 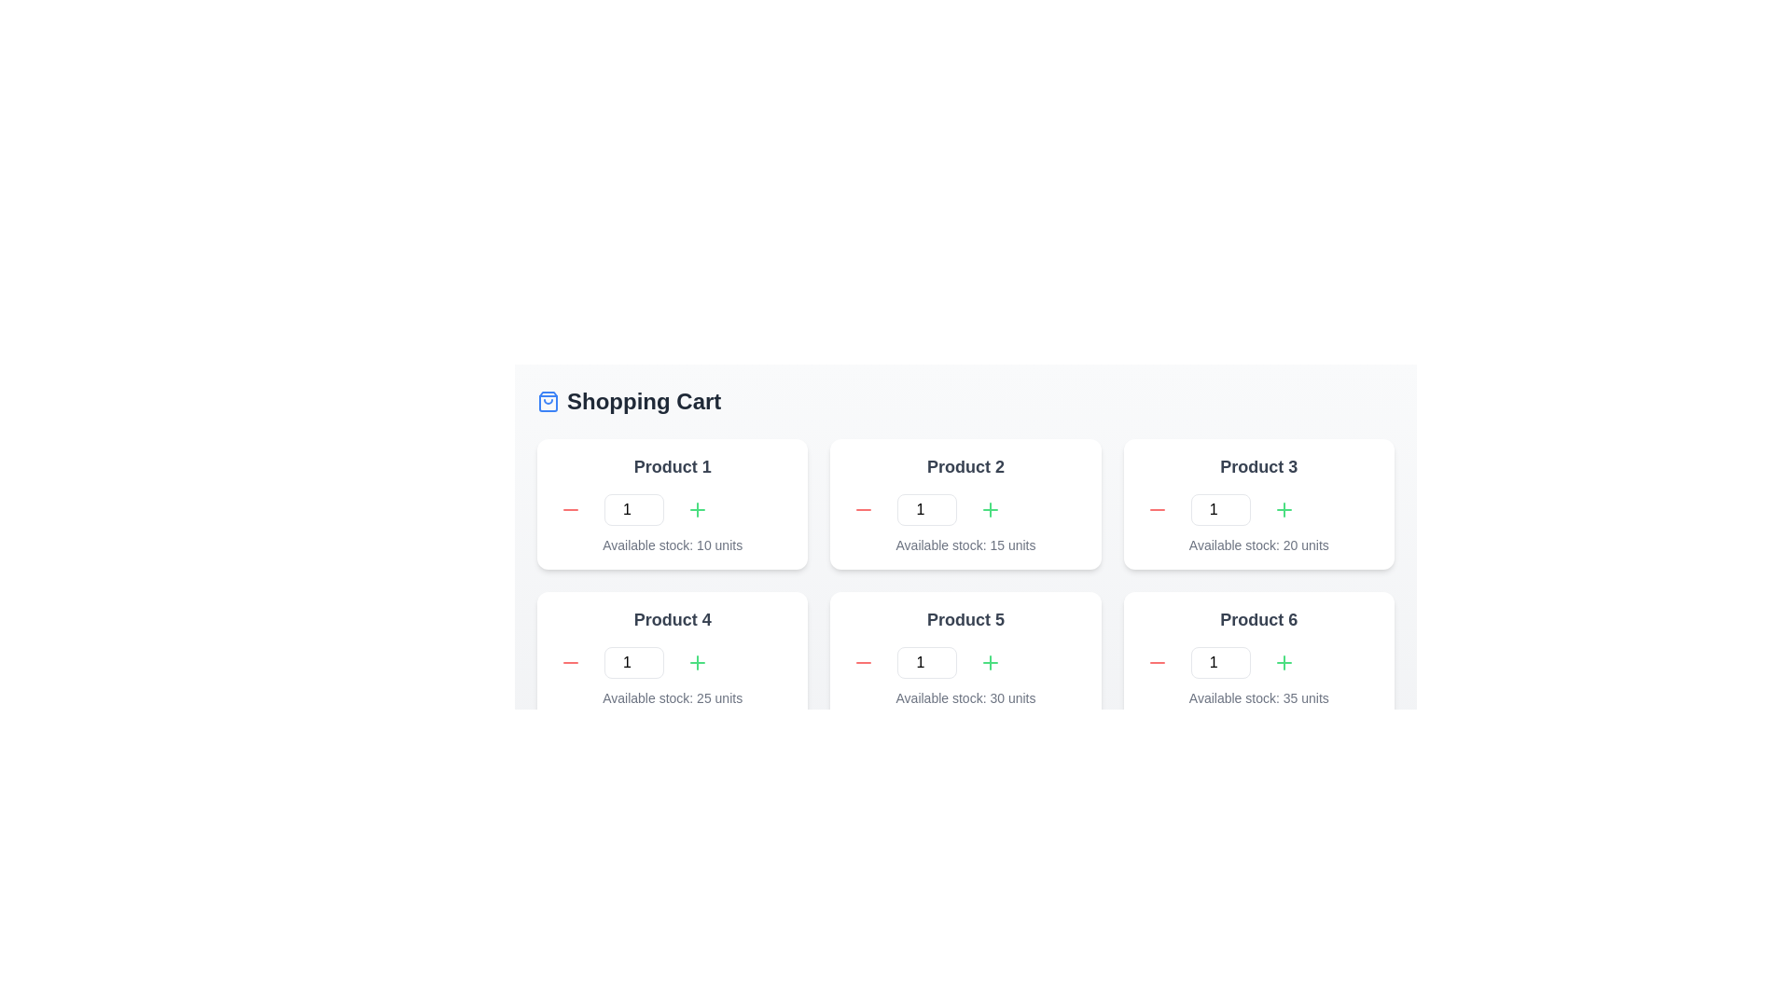 What do you see at coordinates (672, 697) in the screenshot?
I see `the Text label that provides stock information for Product 4, positioned beneath the numeric input and plus/minus buttons` at bounding box center [672, 697].